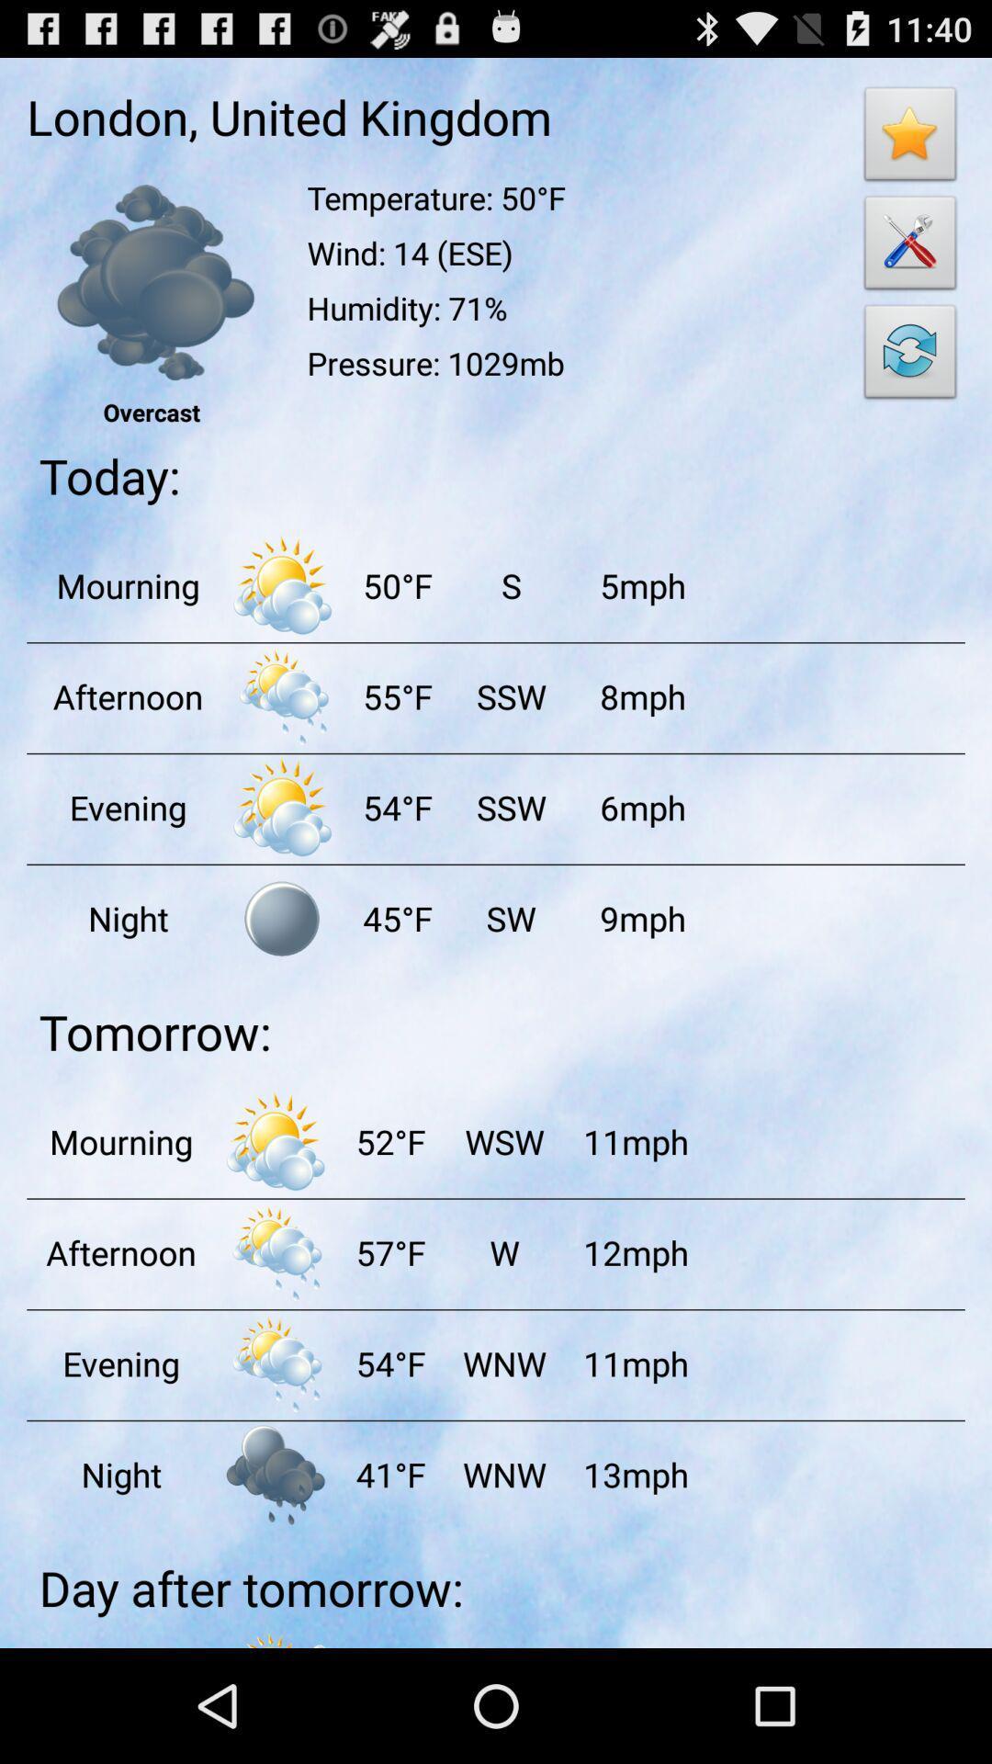  I want to click on the item next to the wind: 14 (ese), so click(910, 356).